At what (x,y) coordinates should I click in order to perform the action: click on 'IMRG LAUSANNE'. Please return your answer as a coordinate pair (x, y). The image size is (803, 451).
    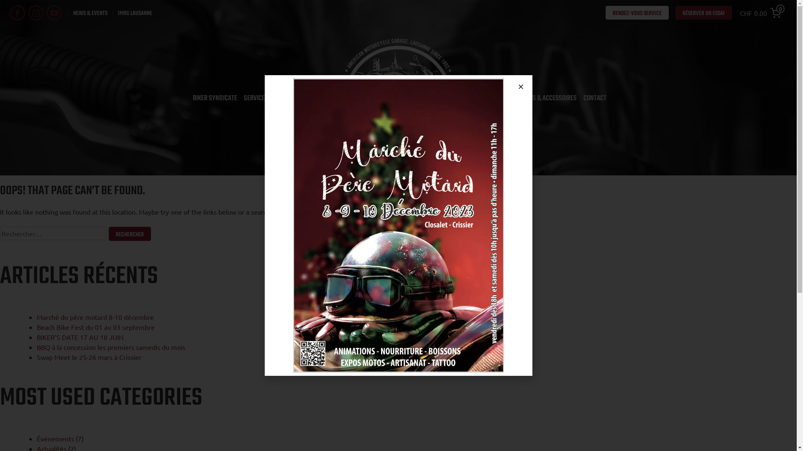
    Looking at the image, I should click on (132, 13).